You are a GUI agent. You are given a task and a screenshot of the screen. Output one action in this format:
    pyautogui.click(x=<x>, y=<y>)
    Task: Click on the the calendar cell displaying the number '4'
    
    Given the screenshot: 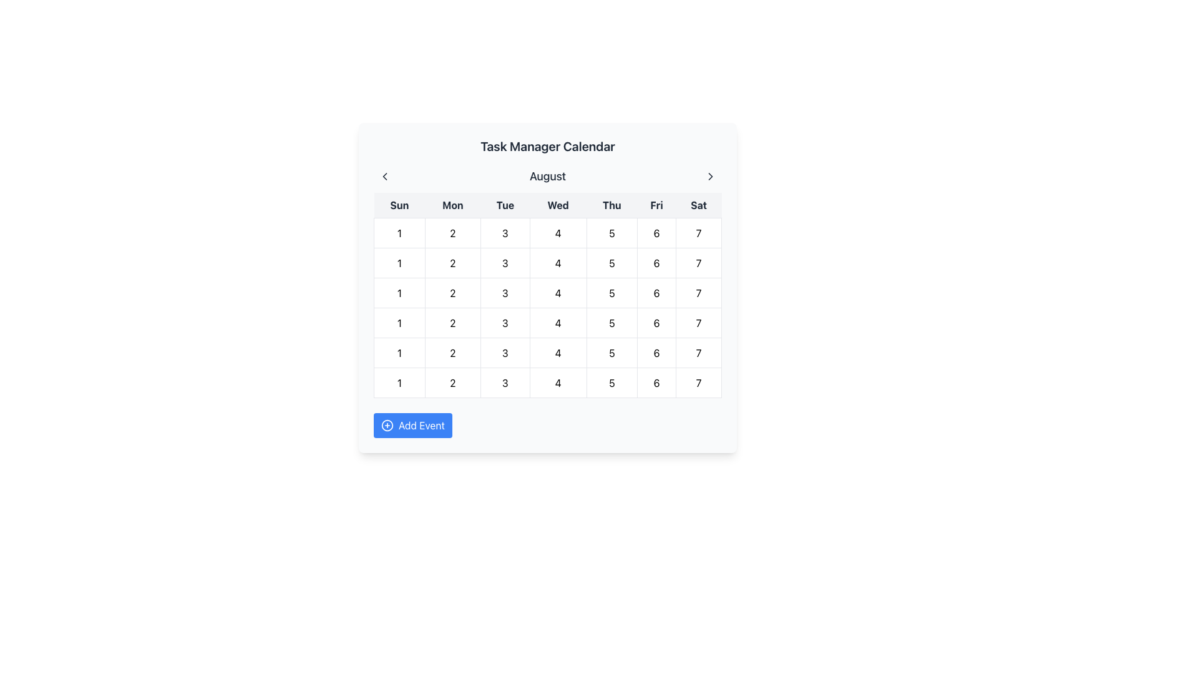 What is the action you would take?
    pyautogui.click(x=557, y=262)
    